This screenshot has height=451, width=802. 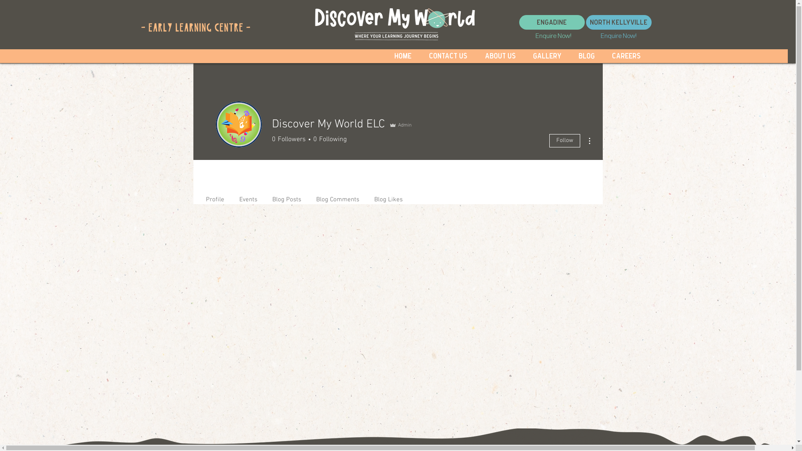 What do you see at coordinates (287, 196) in the screenshot?
I see `'Blog Posts'` at bounding box center [287, 196].